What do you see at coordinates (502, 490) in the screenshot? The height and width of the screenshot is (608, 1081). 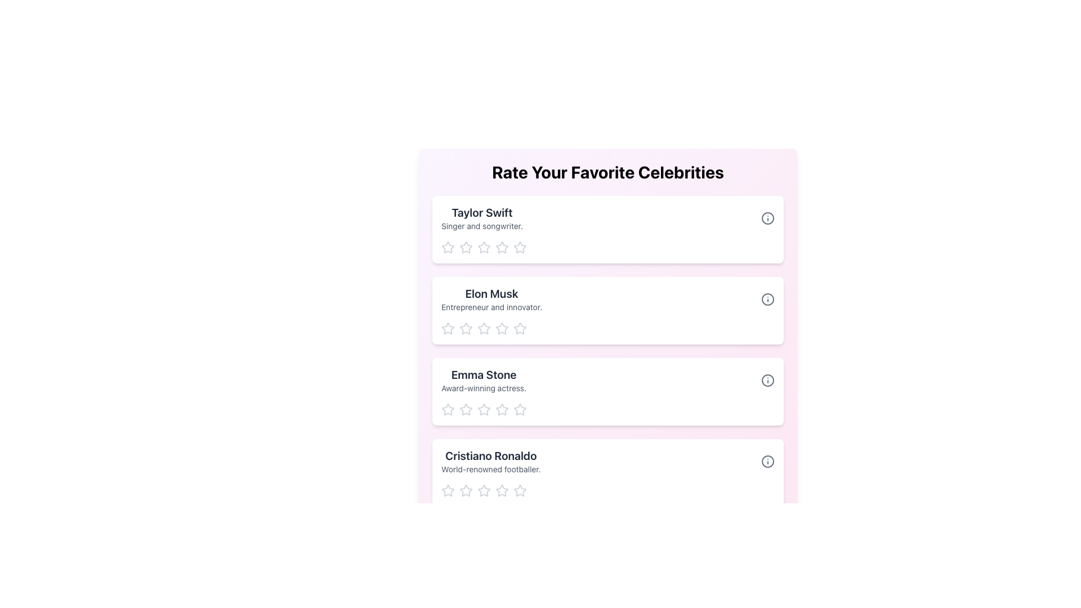 I see `the second star icon from the left in the rating system for 'Cristiano Ronaldo'` at bounding box center [502, 490].